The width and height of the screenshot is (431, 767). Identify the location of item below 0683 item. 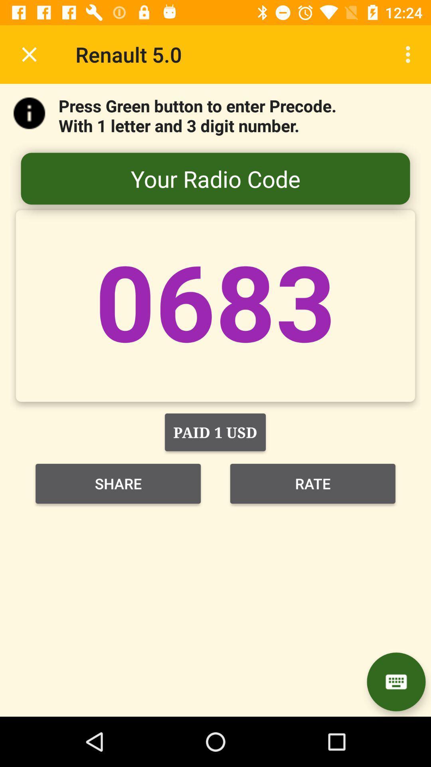
(215, 432).